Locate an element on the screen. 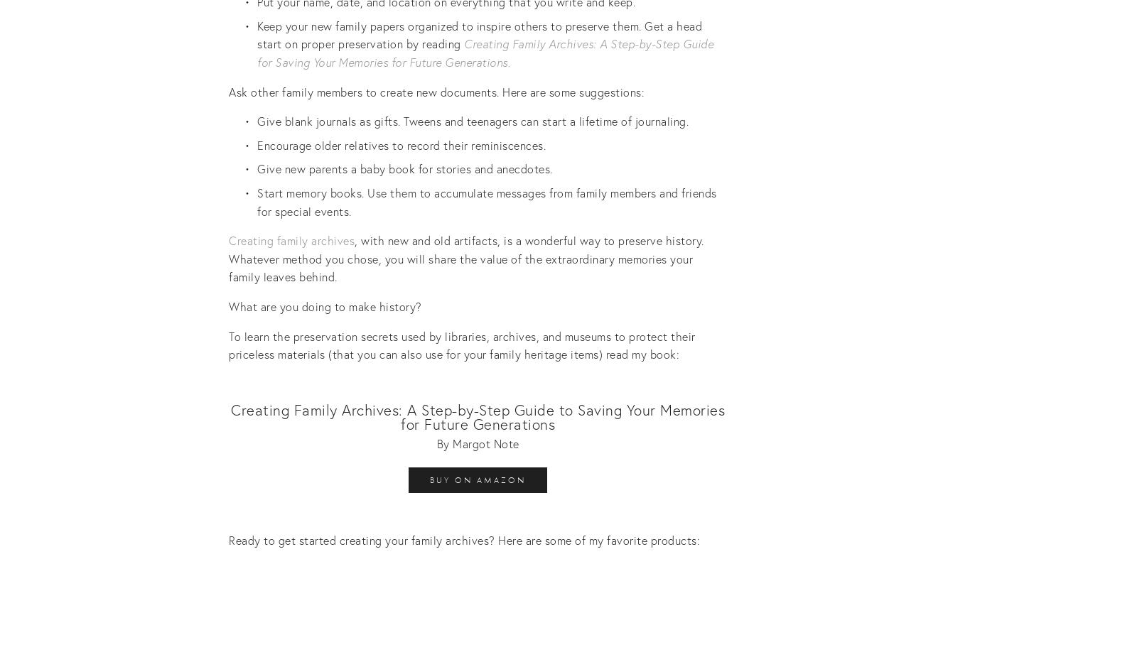  'Creating Family Archives: A Step-by-Step Guide to Saving Your Memories for Future Generations' is located at coordinates (478, 416).